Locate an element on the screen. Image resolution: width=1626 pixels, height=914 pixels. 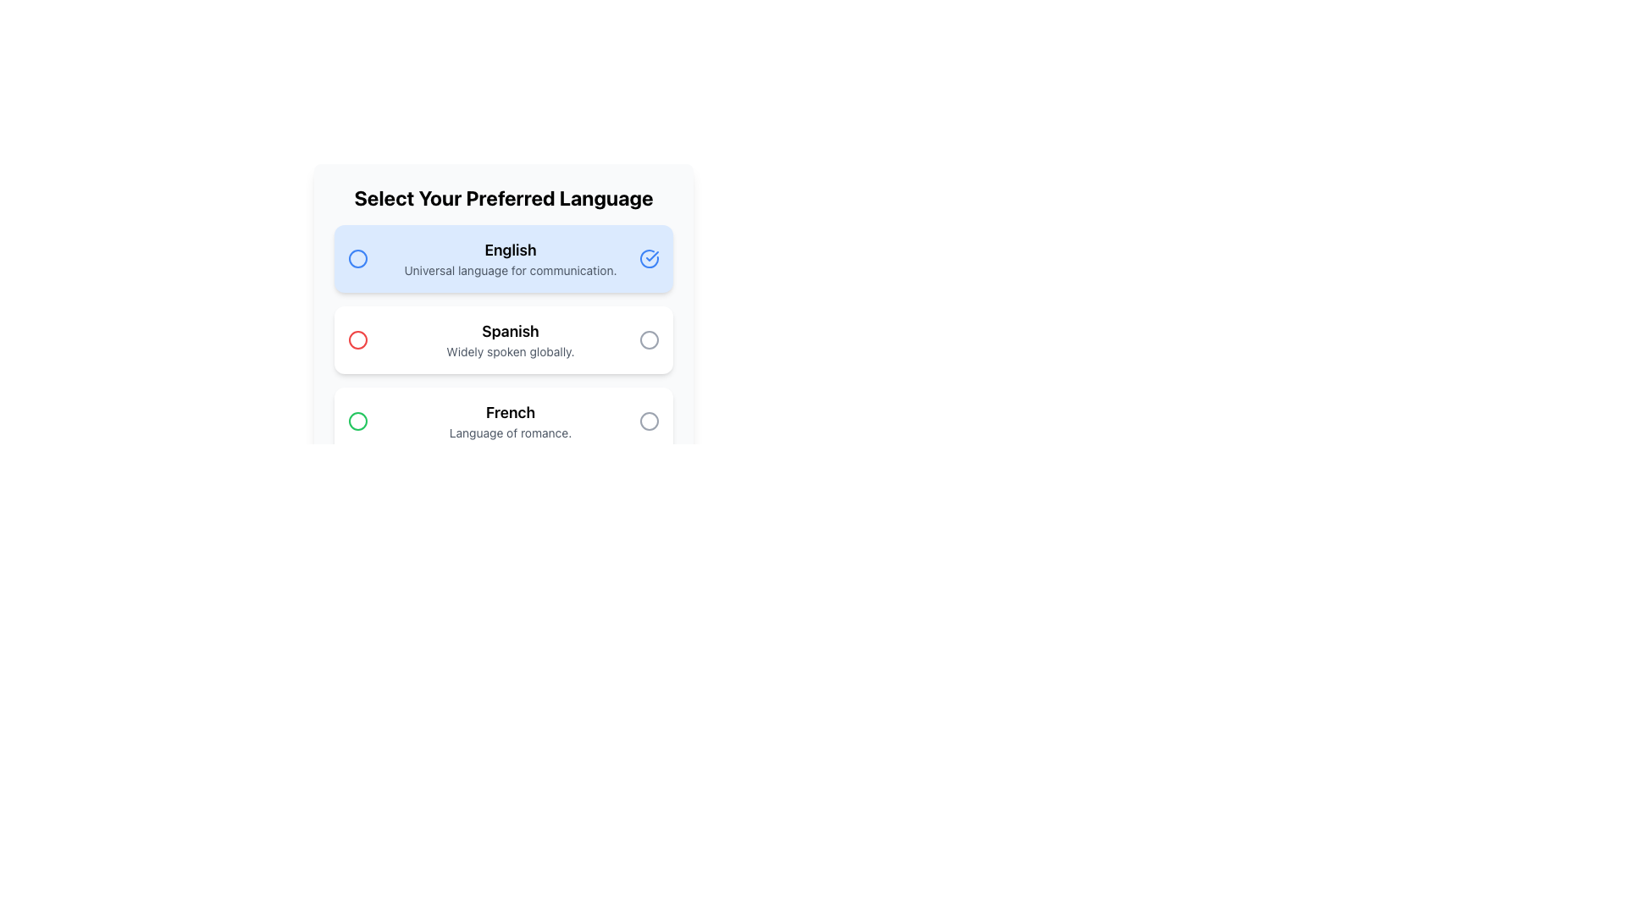
the text label displaying 'Universal language for communication.' which is styled in a lighter gray color and positioned directly below the 'English' text is located at coordinates (510, 270).